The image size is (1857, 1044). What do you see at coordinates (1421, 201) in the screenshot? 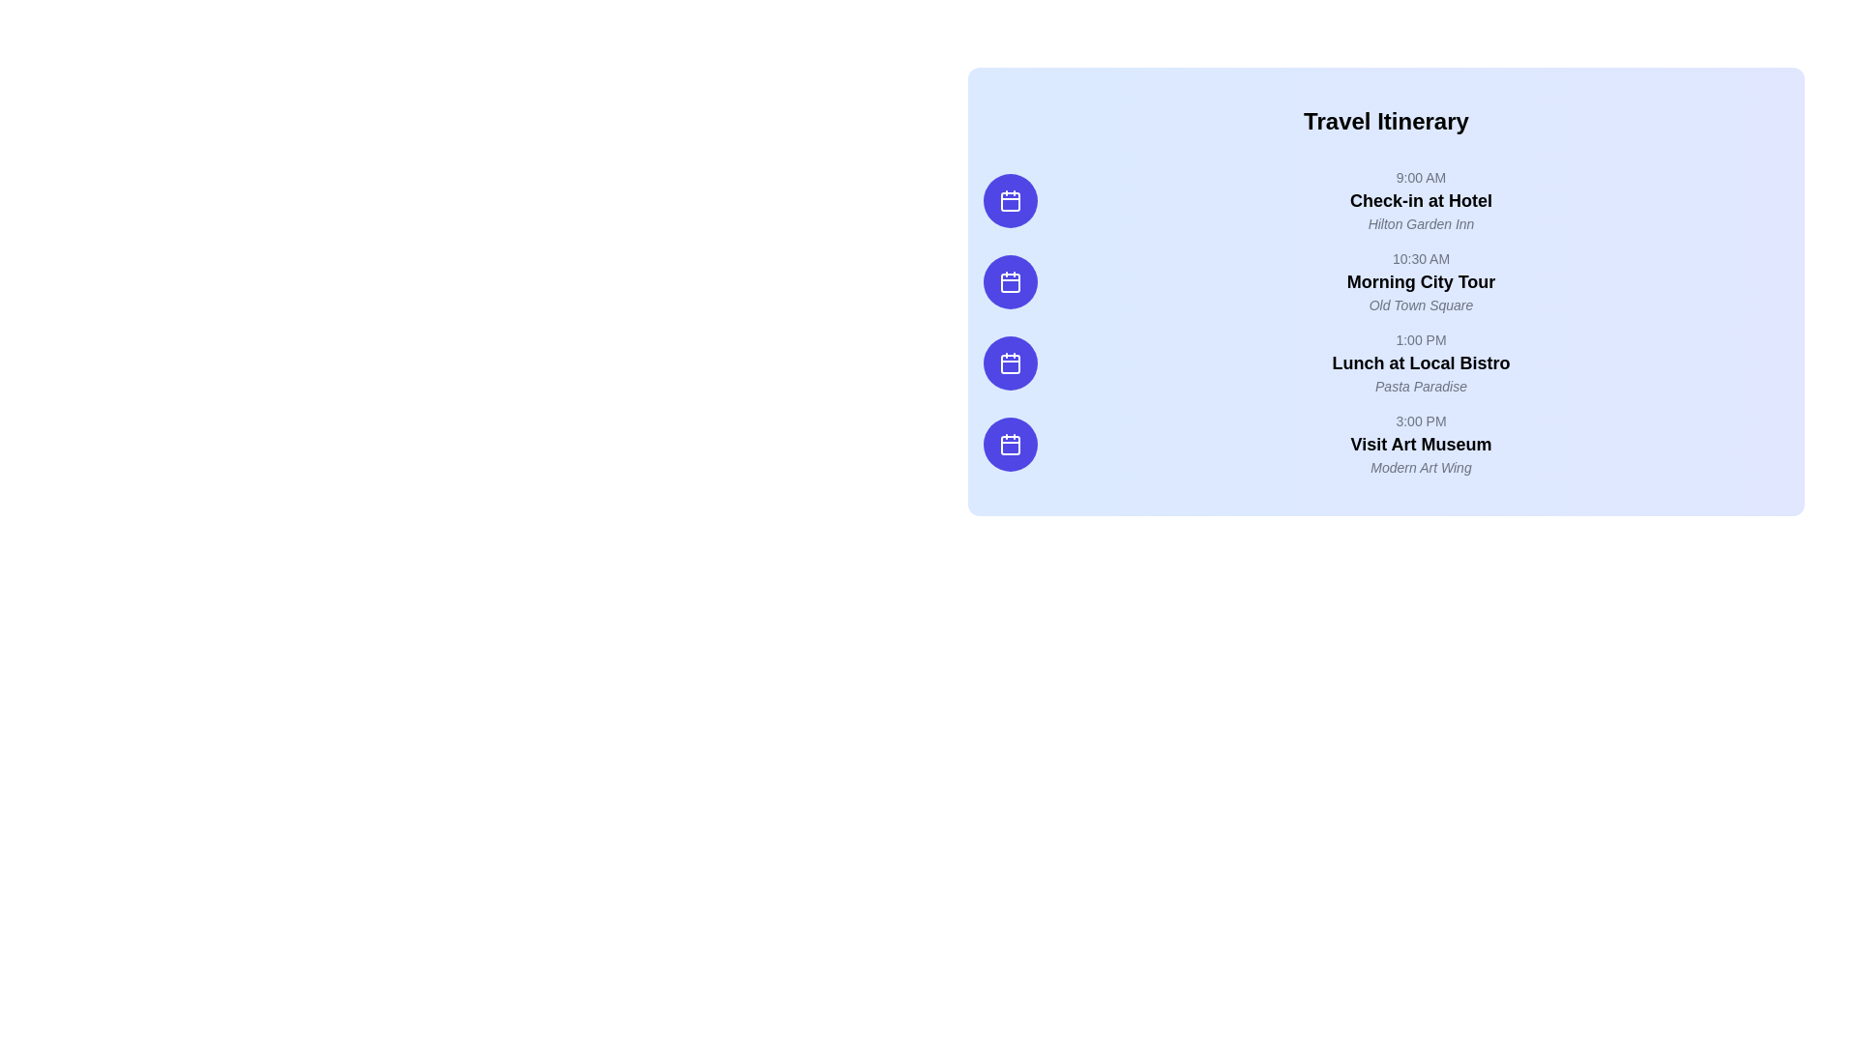
I see `text from the first schedule entry in the travel itinerary list, which displays the time, title, and location of the event` at bounding box center [1421, 201].